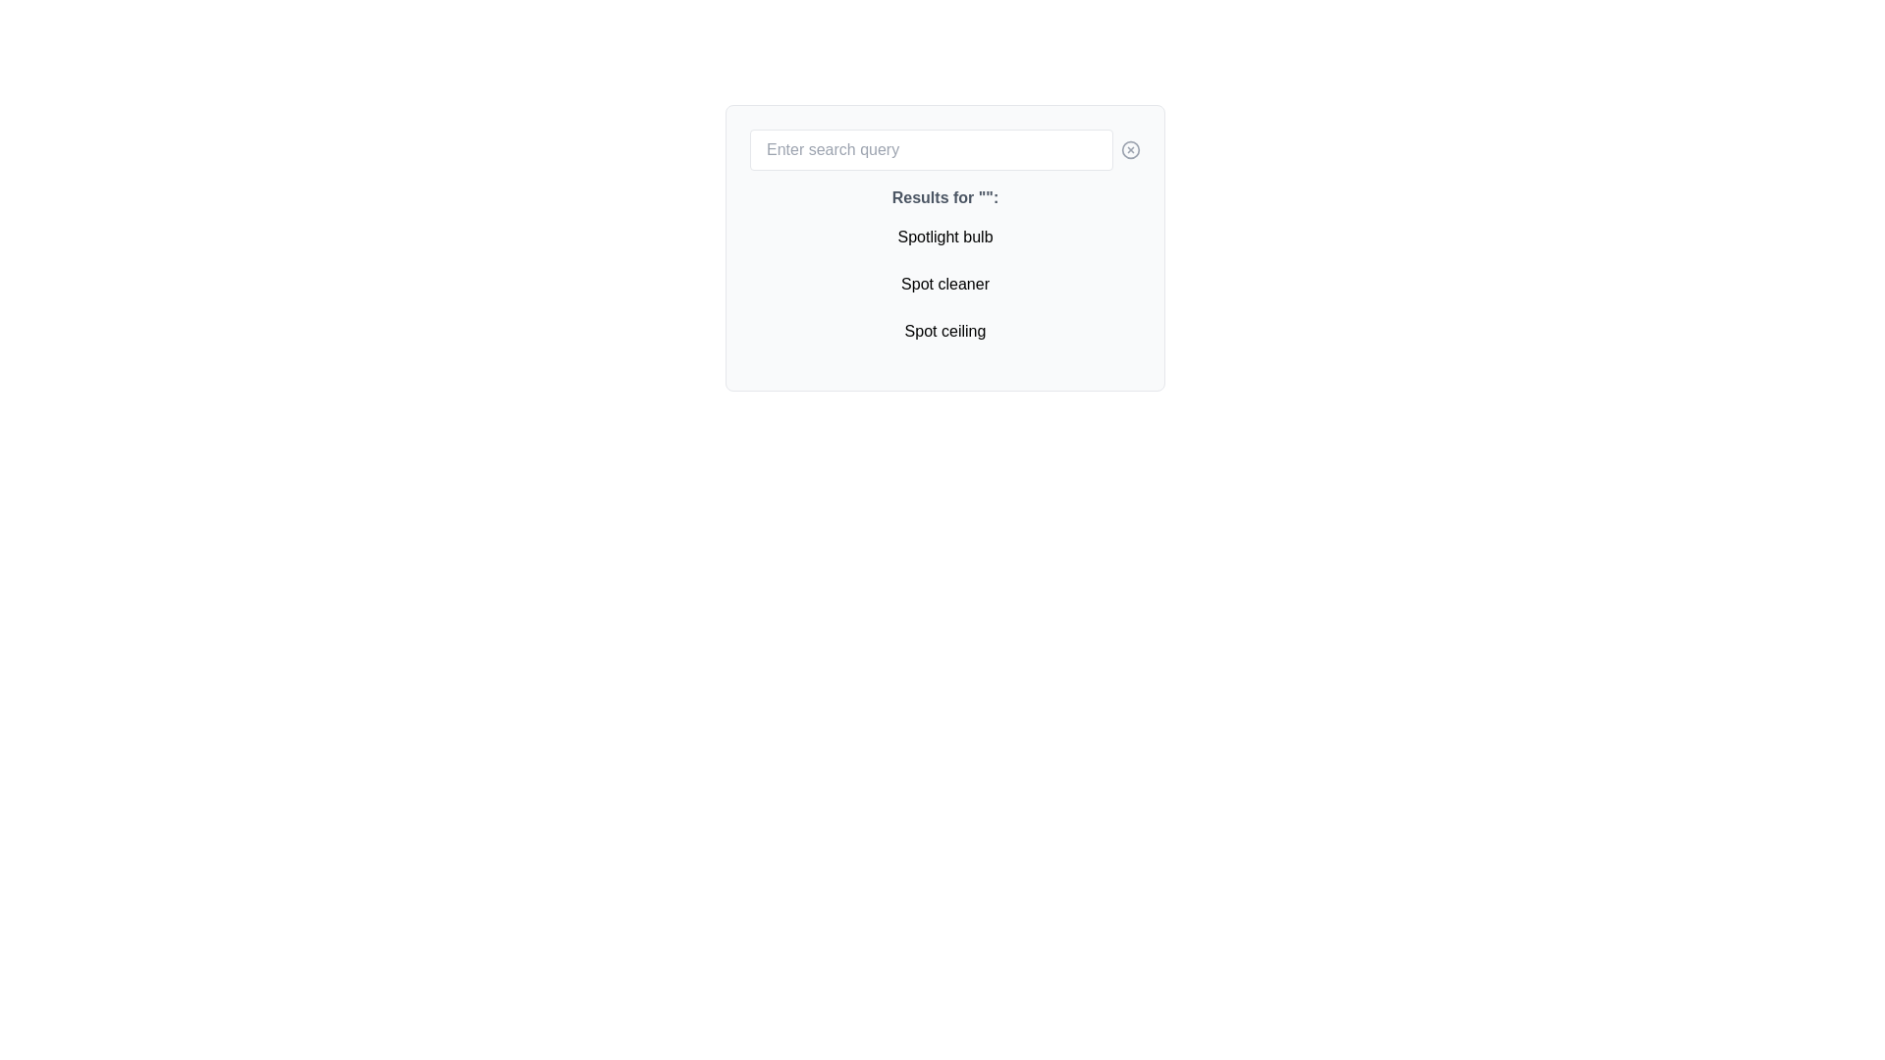  What do you see at coordinates (920, 236) in the screenshot?
I see `the lowercase letter 'o' in the text 'Spotlight bulb', which is the fourth character of the text` at bounding box center [920, 236].